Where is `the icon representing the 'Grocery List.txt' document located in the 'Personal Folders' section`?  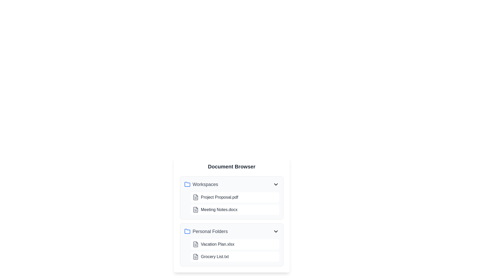 the icon representing the 'Grocery List.txt' document located in the 'Personal Folders' section is located at coordinates (195, 257).